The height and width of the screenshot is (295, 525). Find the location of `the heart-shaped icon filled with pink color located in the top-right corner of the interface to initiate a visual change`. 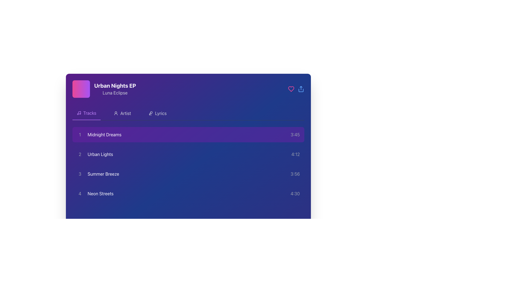

the heart-shaped icon filled with pink color located in the top-right corner of the interface to initiate a visual change is located at coordinates (291, 89).